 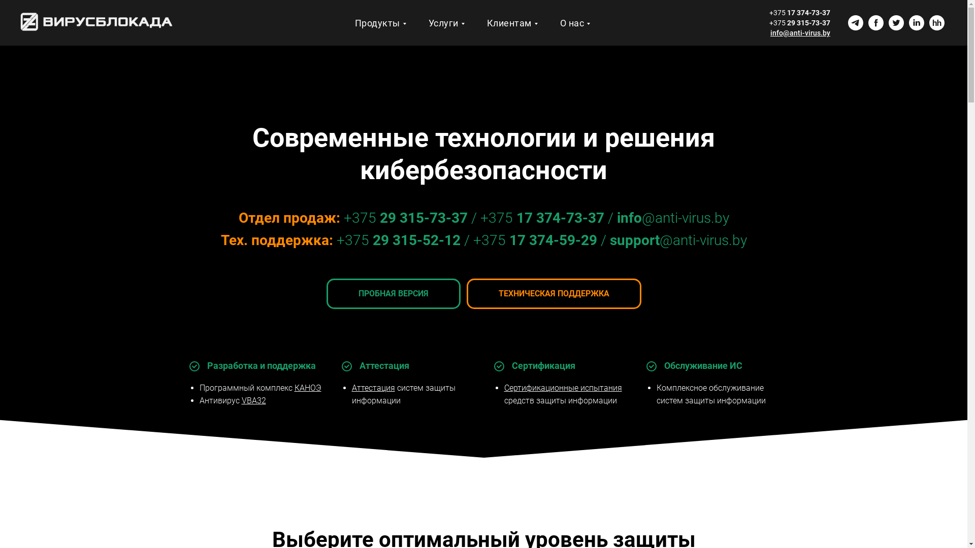 What do you see at coordinates (253, 400) in the screenshot?
I see `'VBA32'` at bounding box center [253, 400].